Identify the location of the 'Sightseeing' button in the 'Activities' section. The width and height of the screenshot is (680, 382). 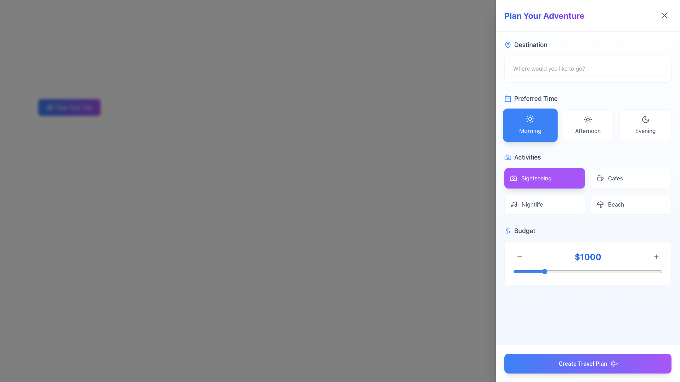
(544, 178).